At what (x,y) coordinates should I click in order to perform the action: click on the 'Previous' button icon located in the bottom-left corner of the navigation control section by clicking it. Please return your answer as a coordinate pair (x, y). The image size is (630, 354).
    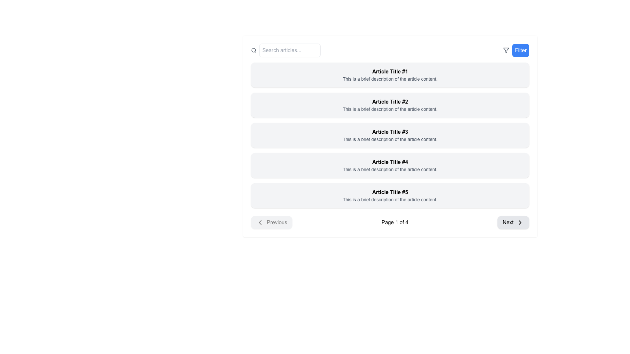
    Looking at the image, I should click on (260, 222).